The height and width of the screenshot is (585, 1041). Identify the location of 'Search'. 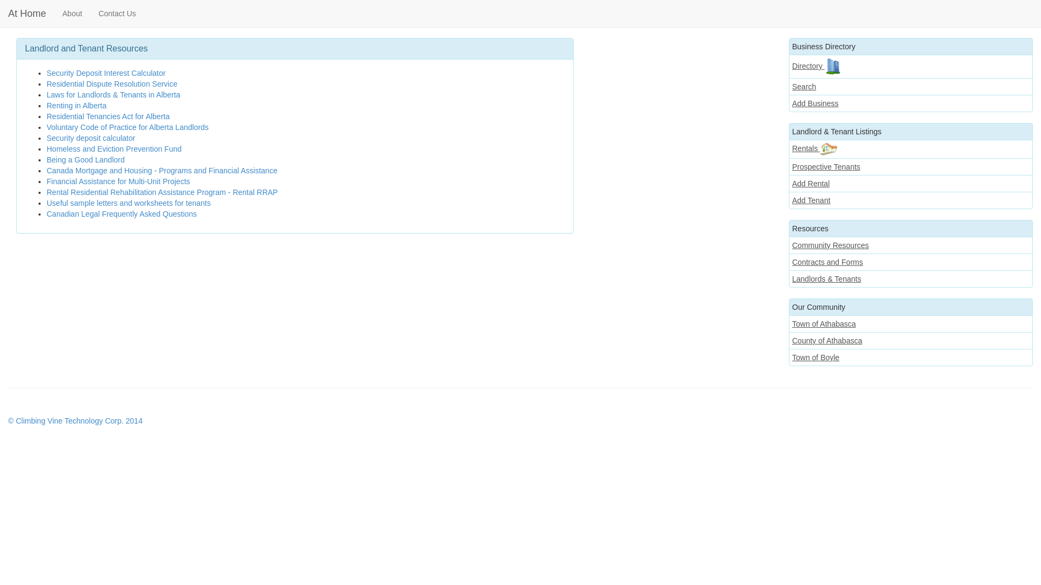
(911, 86).